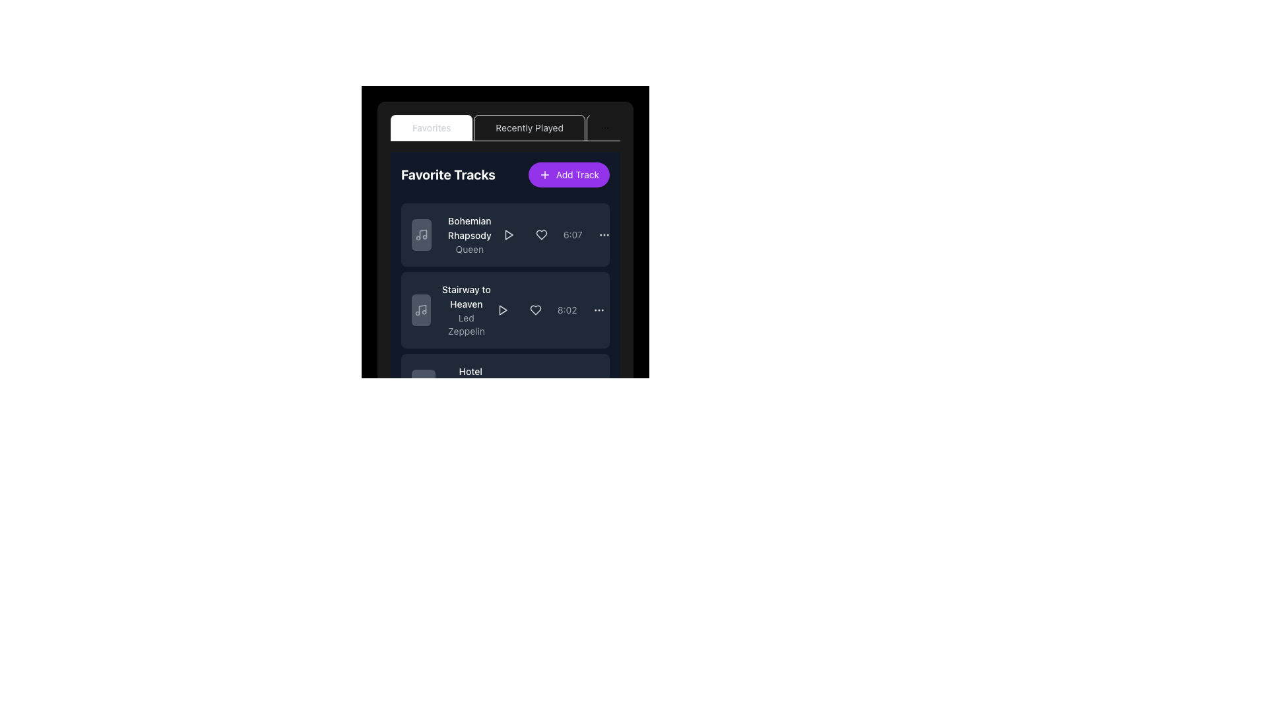  Describe the element at coordinates (545, 127) in the screenshot. I see `the 'Recently Played' tab in the navigation bar` at that location.